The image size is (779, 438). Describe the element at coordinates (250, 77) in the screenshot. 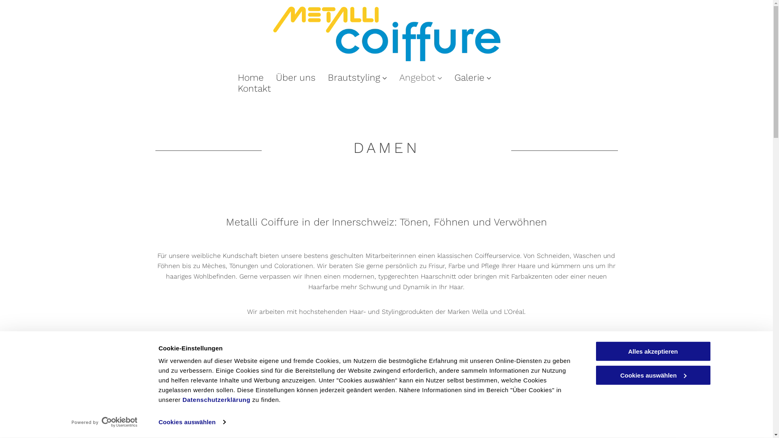

I see `'Home'` at that location.